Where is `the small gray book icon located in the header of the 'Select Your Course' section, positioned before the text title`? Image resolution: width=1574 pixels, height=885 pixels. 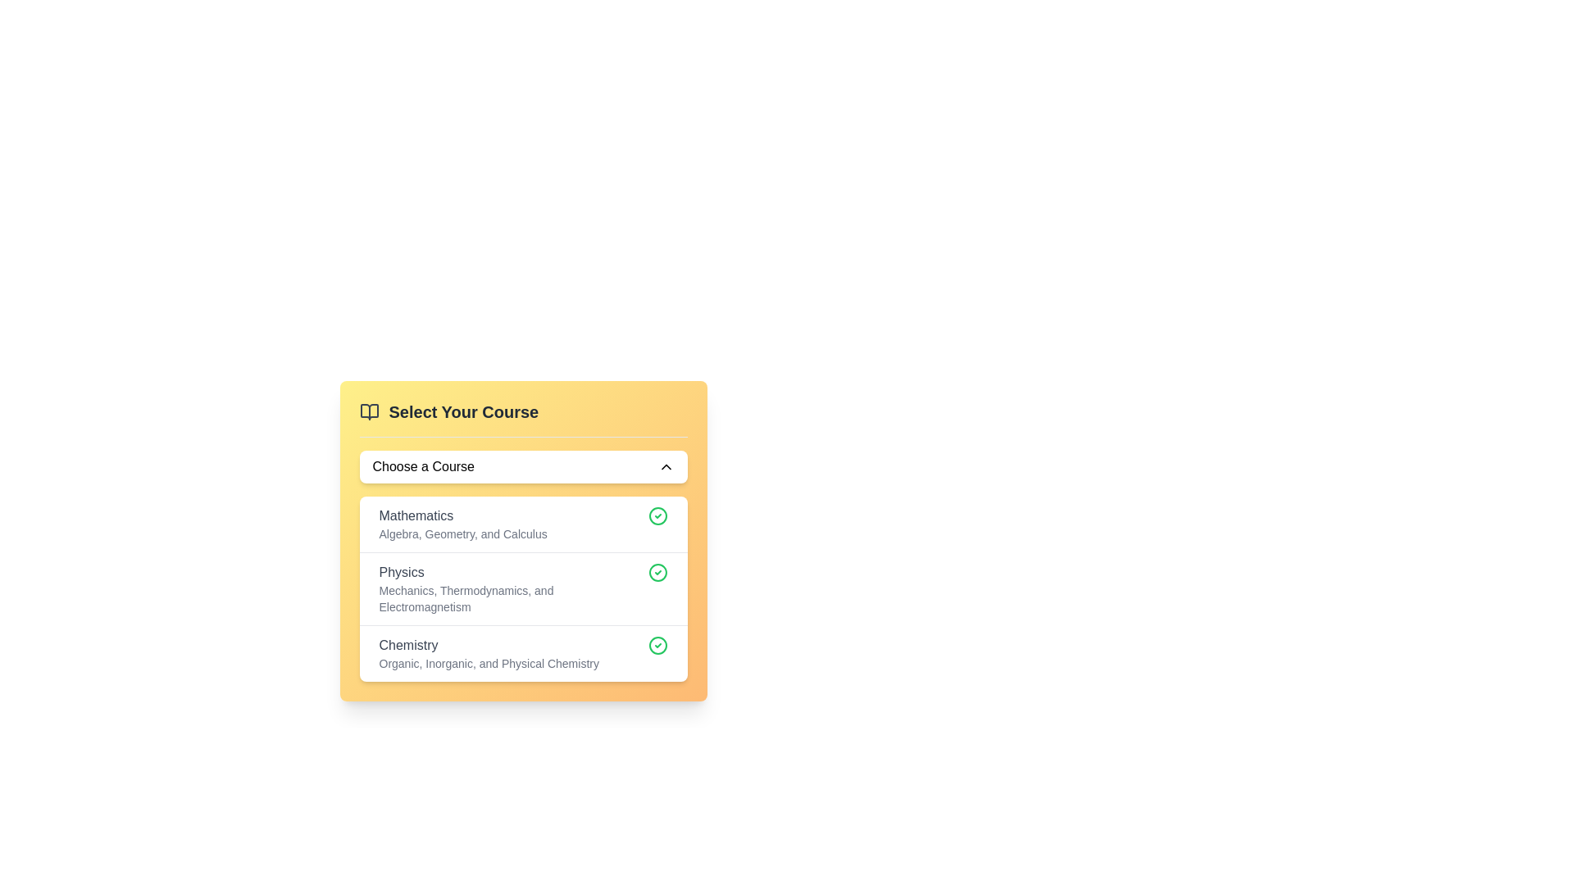
the small gray book icon located in the header of the 'Select Your Course' section, positioned before the text title is located at coordinates (368, 411).